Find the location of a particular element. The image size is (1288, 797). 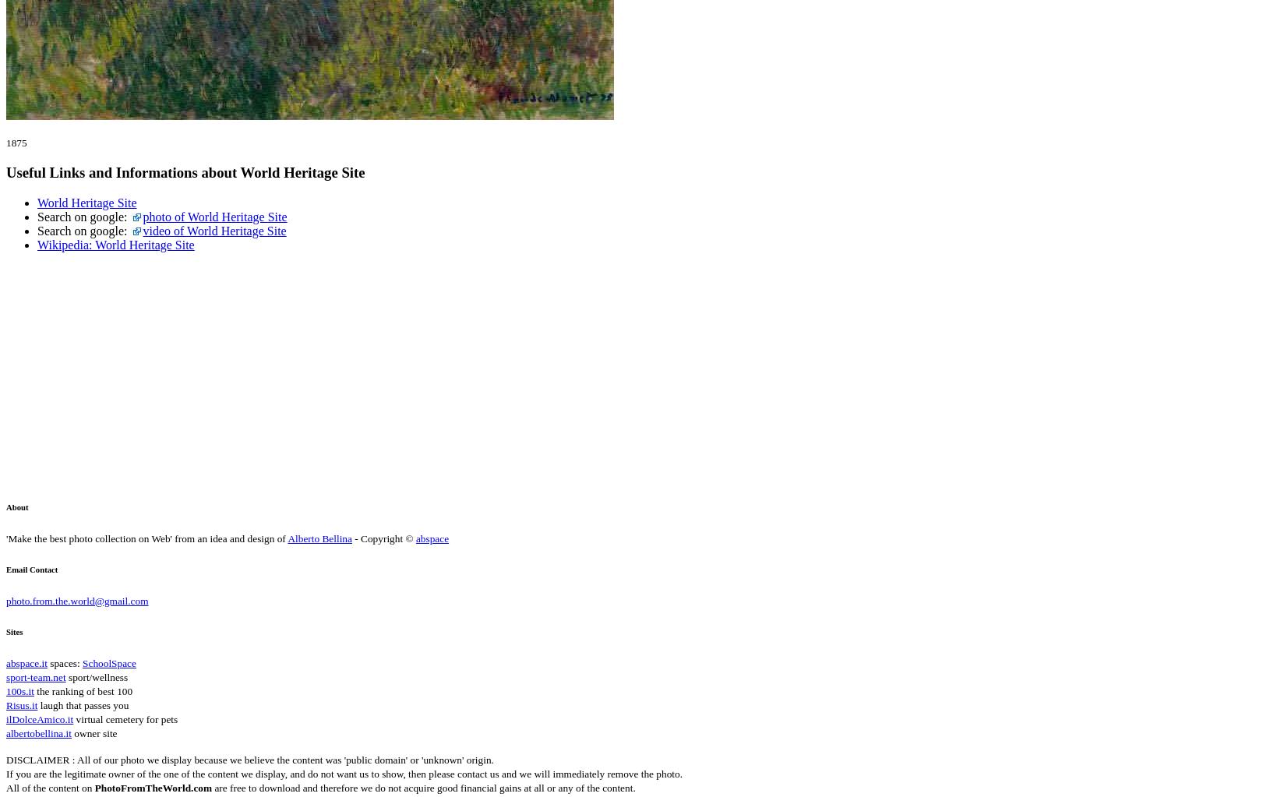

'100s.it' is located at coordinates (19, 690).